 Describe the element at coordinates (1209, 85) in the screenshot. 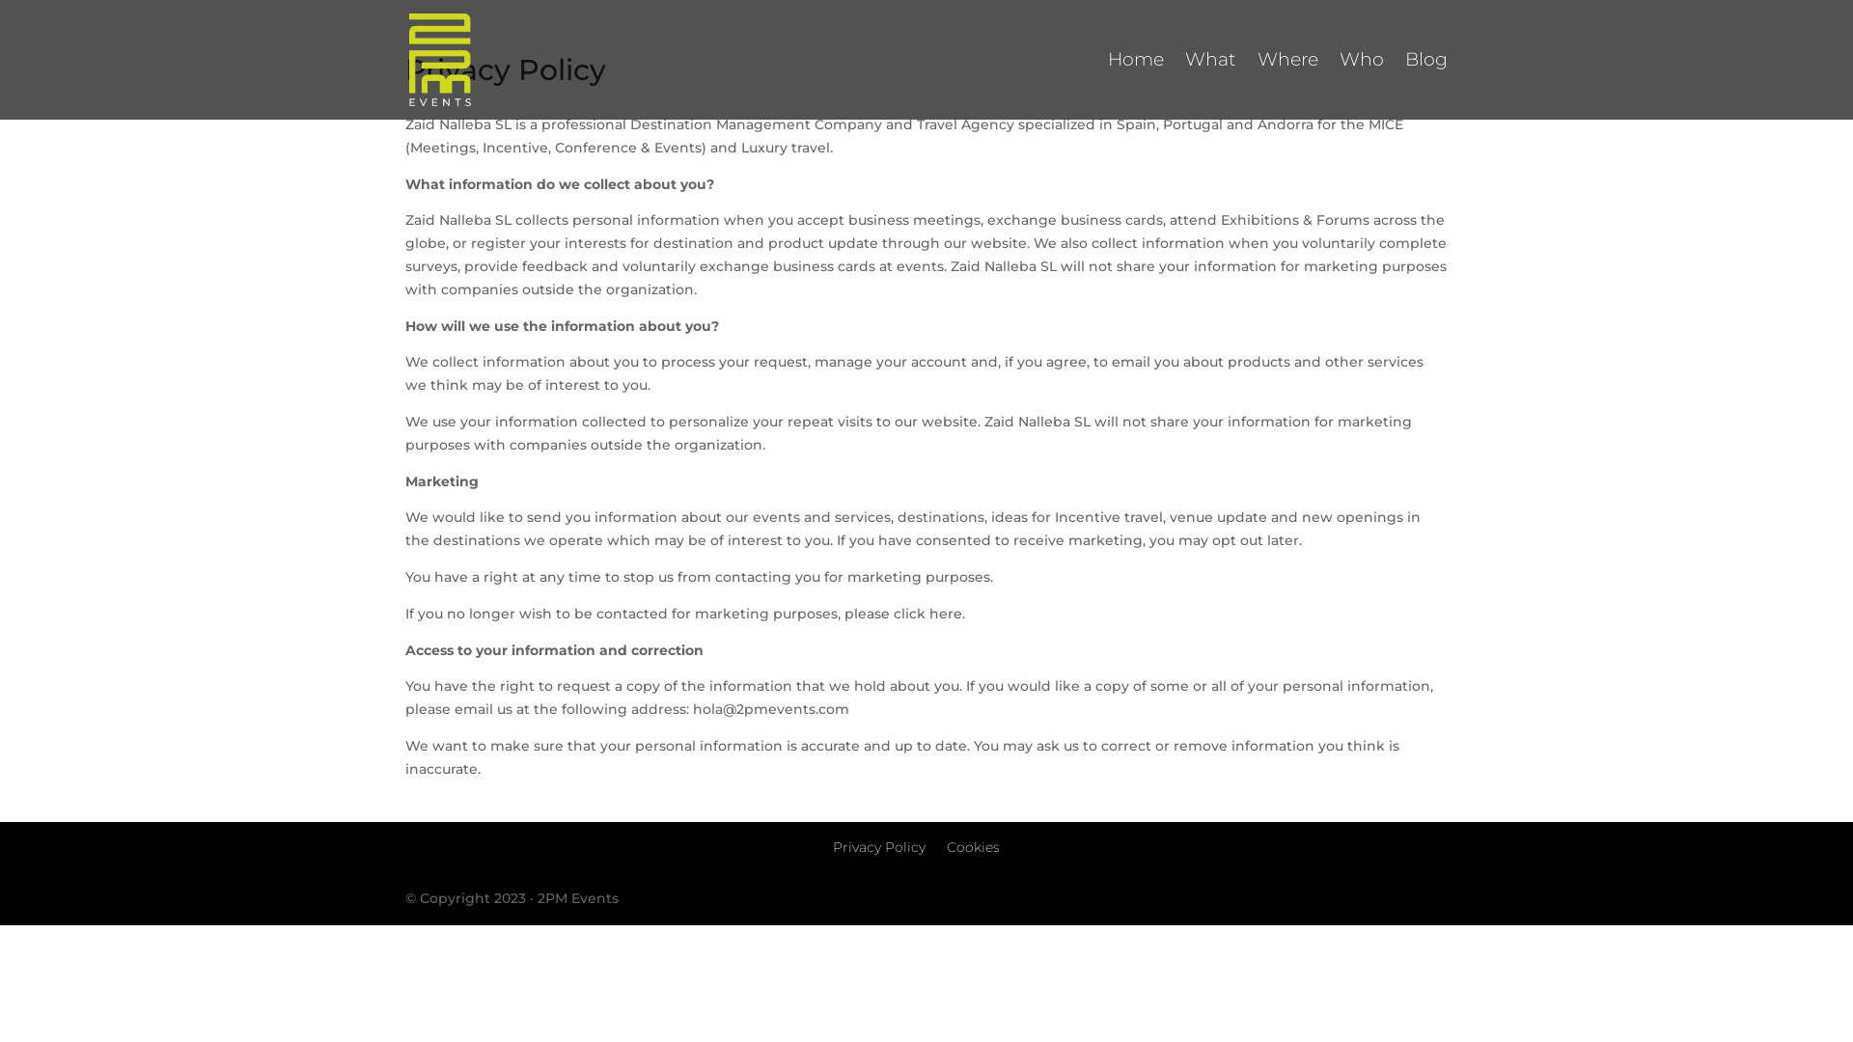

I see `'What'` at that location.